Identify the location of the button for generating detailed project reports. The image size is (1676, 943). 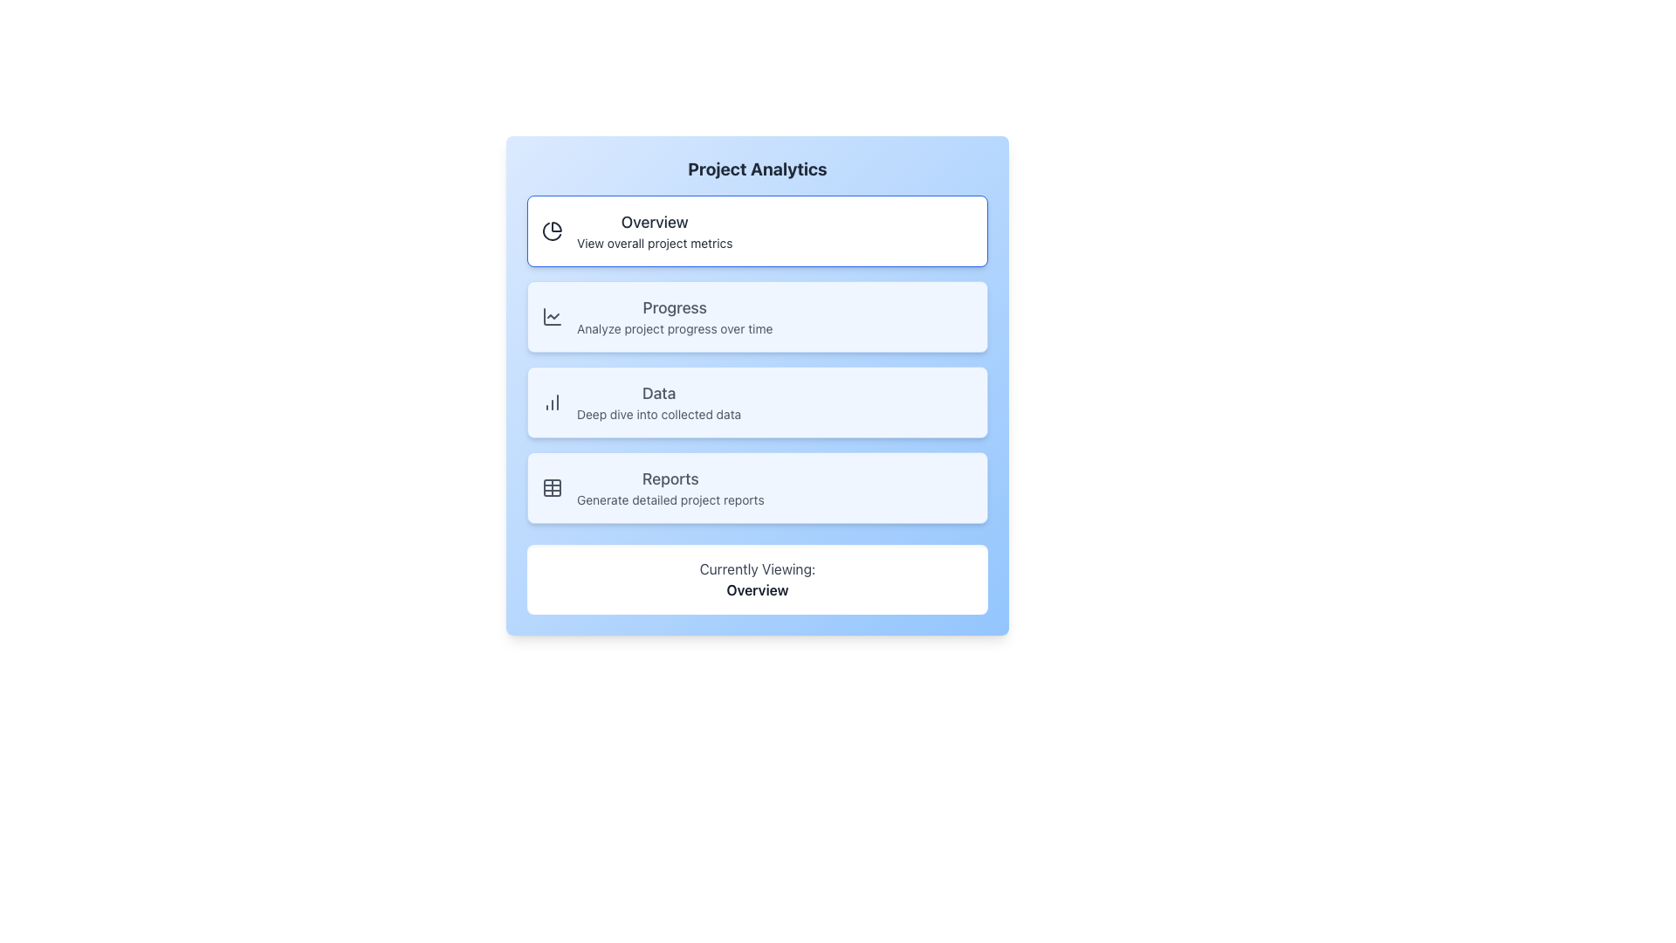
(758, 488).